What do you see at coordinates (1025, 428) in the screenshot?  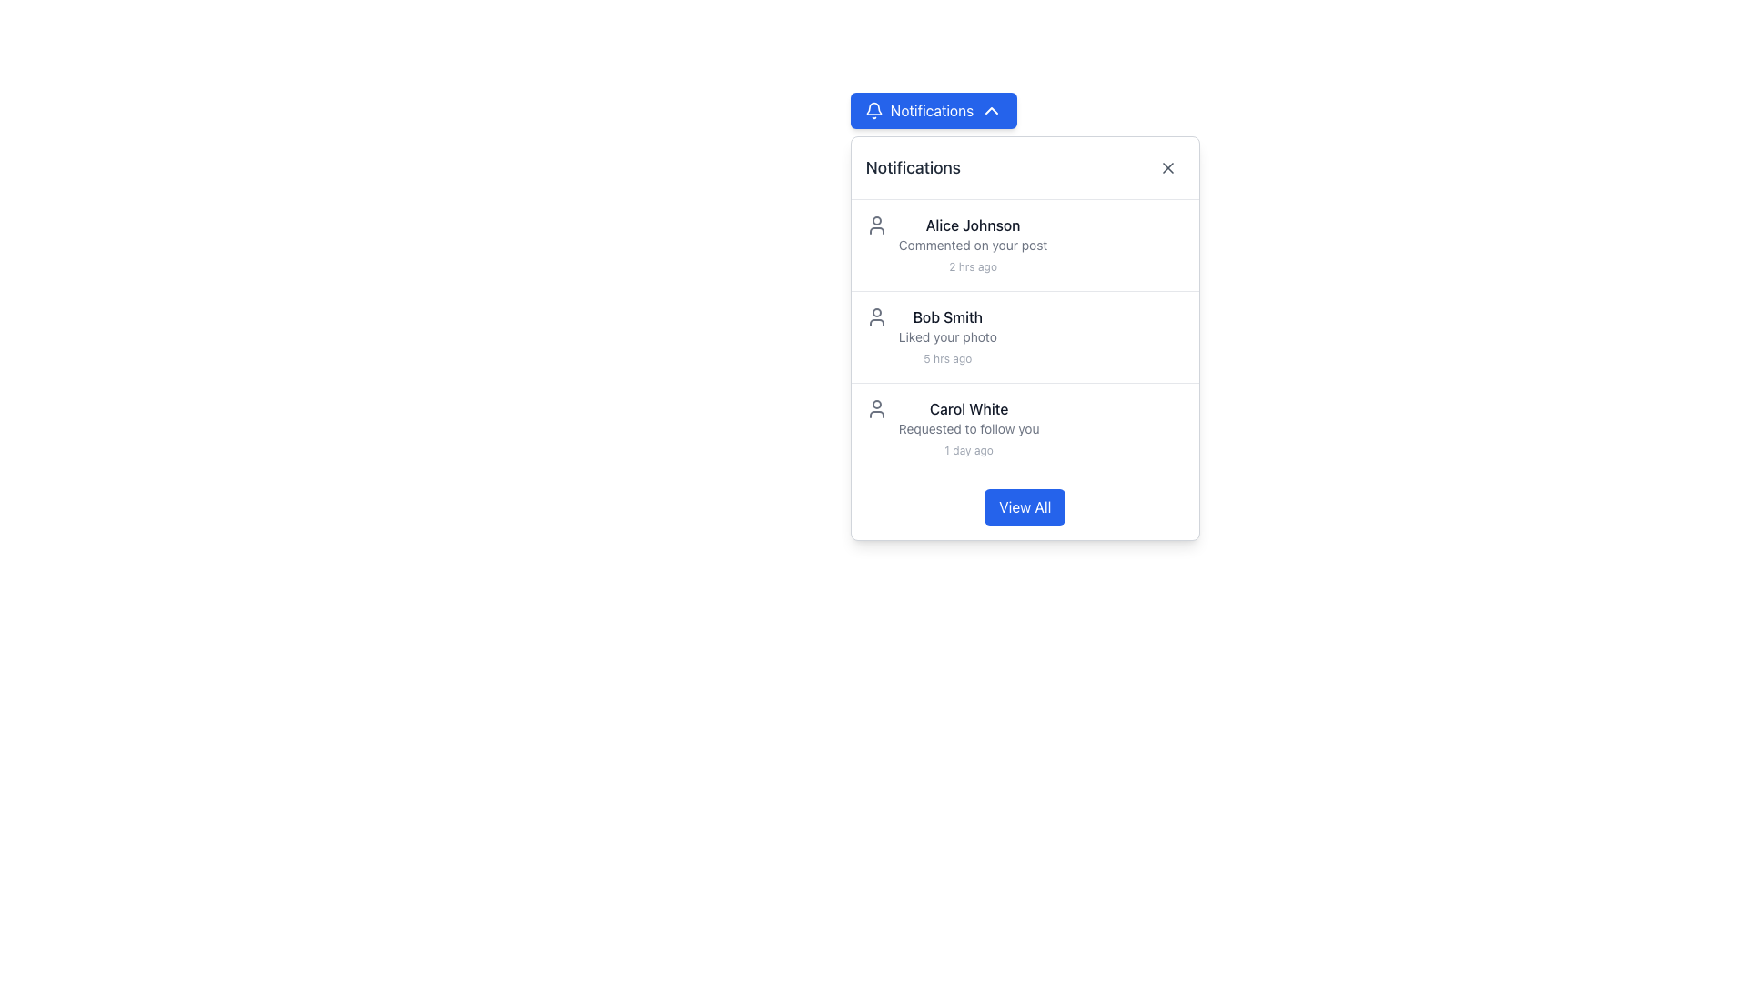 I see `to select the notification informing the user that 'Carol White' has requested to follow them, which is the third notification in the list` at bounding box center [1025, 428].